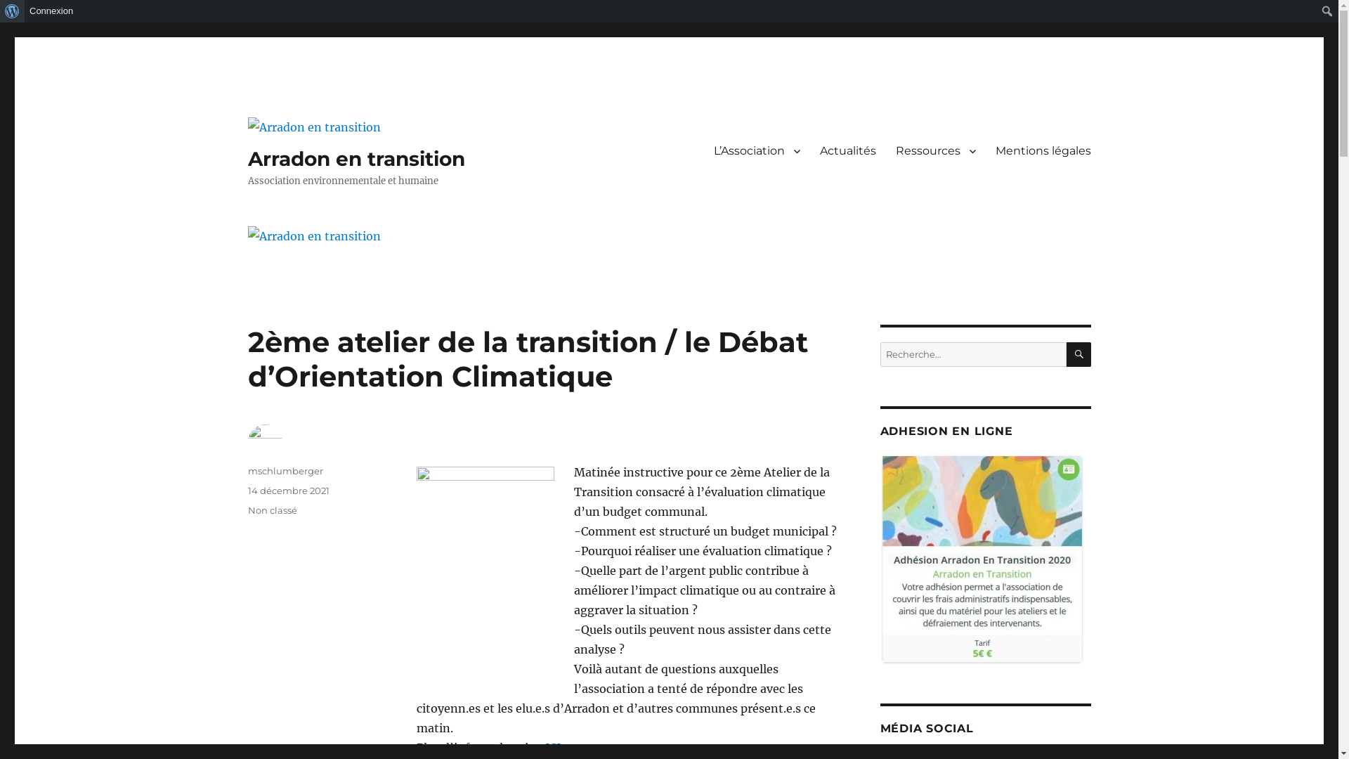  I want to click on 'ICI', so click(552, 747).